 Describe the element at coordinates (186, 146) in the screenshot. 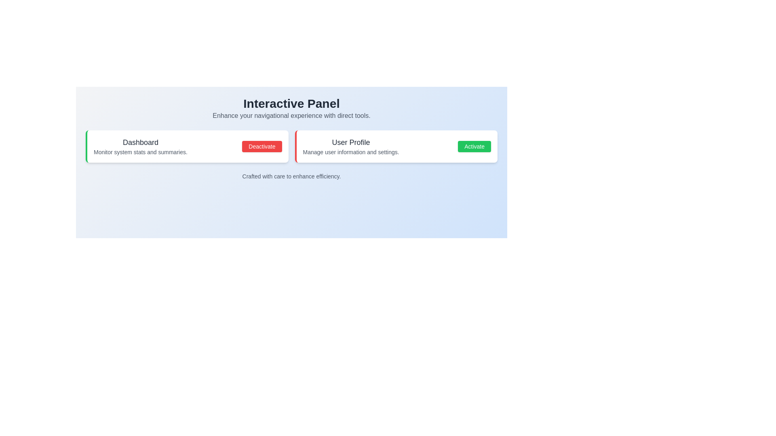

I see `the 'Deactivate' button located in the left half of the two-column grid layout, which presents a summary of system statistics` at that location.